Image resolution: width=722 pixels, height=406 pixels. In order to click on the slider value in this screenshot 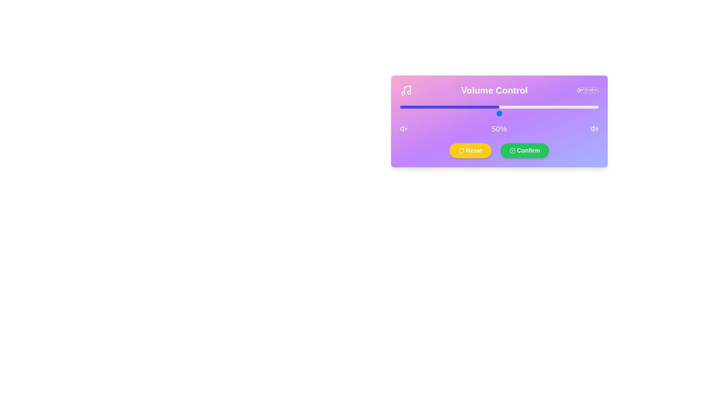, I will do `click(469, 107)`.